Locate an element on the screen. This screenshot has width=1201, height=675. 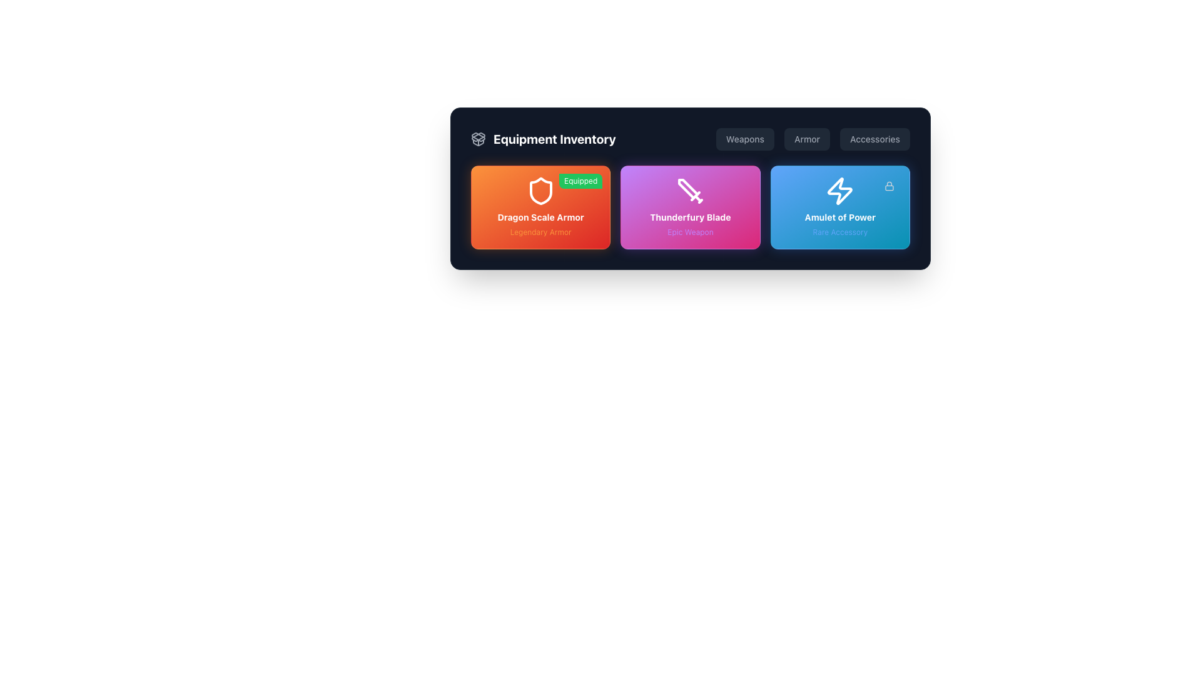
the text label reading 'Thunderfury Blade' styled in white text within the purple card in the 'Equipment Inventory' section is located at coordinates (690, 216).